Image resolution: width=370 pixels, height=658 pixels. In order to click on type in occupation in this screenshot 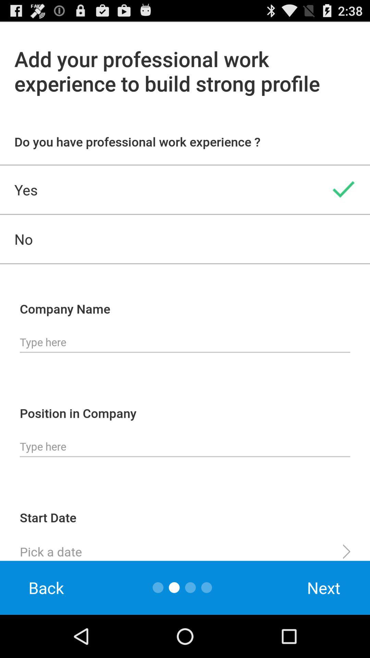, I will do `click(185, 447)`.